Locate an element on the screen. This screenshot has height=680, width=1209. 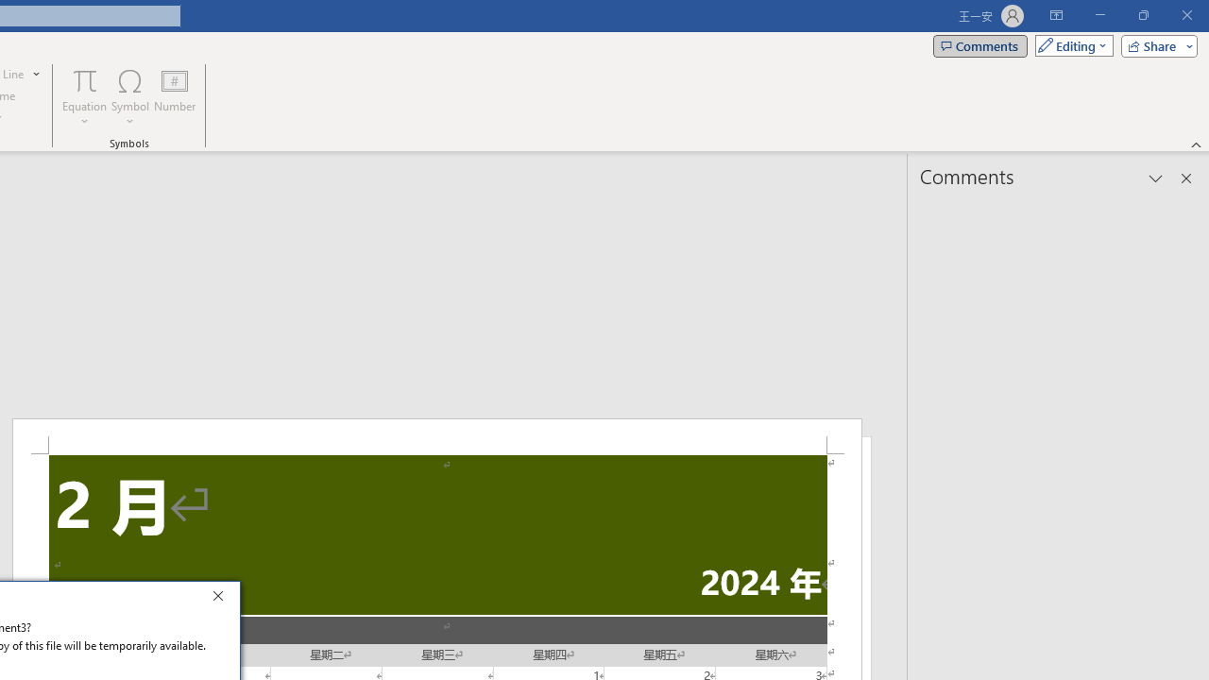
'Comments' is located at coordinates (980, 44).